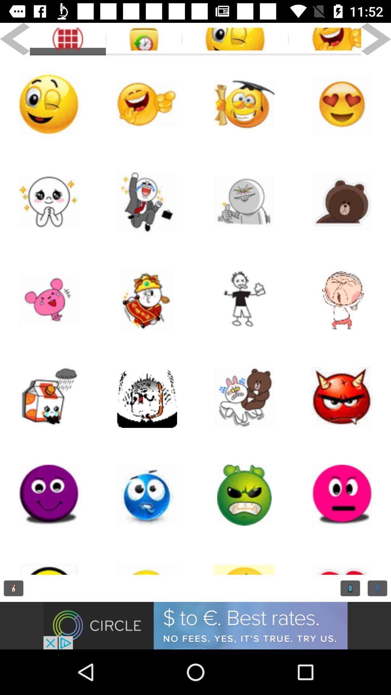  Describe the element at coordinates (147, 559) in the screenshot. I see `image option` at that location.